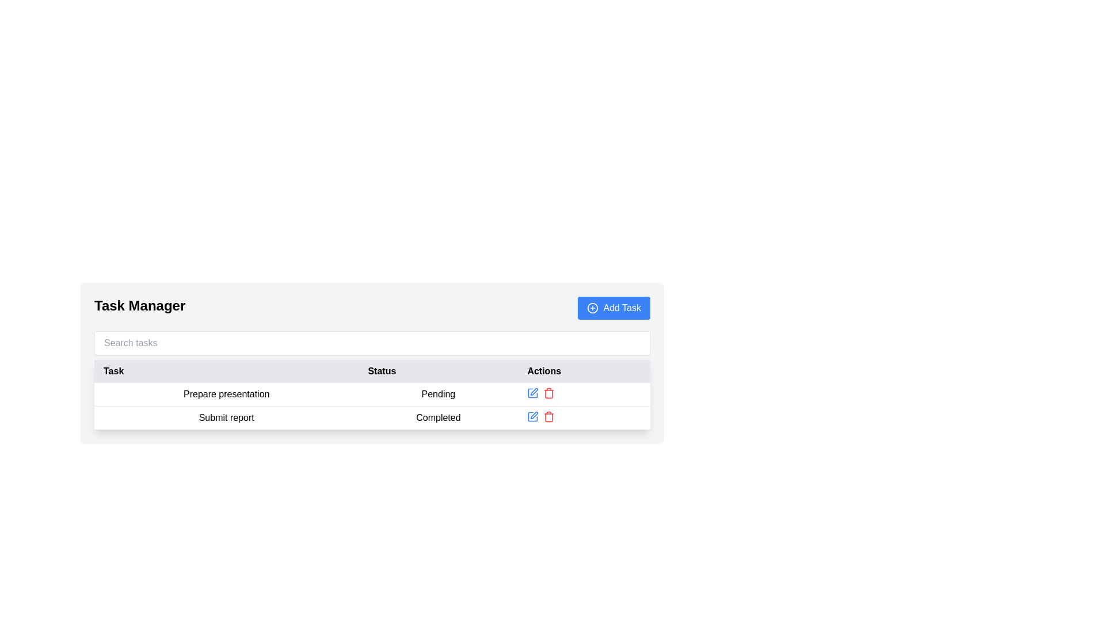 The width and height of the screenshot is (1105, 621). What do you see at coordinates (437, 417) in the screenshot?
I see `the Text Label indicating the completion status of the task 'Submit report' located in the second row of the 'Status' column` at bounding box center [437, 417].